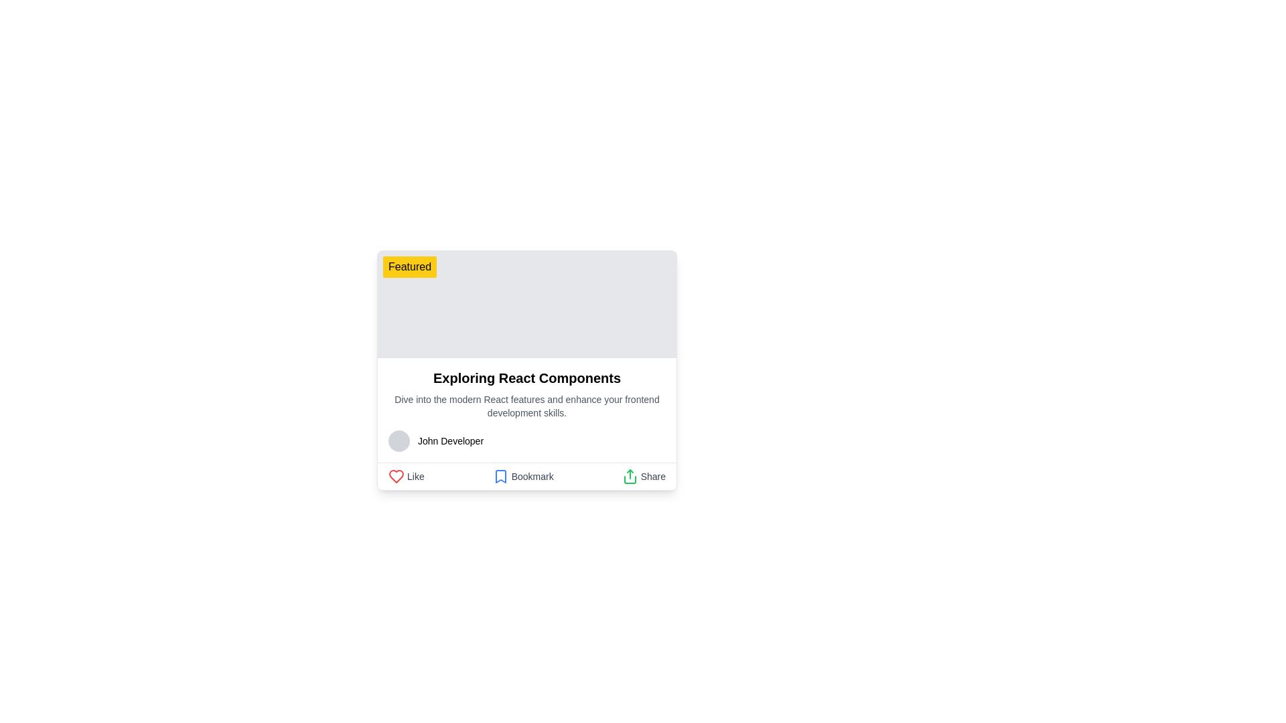 The width and height of the screenshot is (1286, 723). What do you see at coordinates (395, 476) in the screenshot?
I see `the heart-shaped icon with a red border located at the bottom left corner of the card component` at bounding box center [395, 476].